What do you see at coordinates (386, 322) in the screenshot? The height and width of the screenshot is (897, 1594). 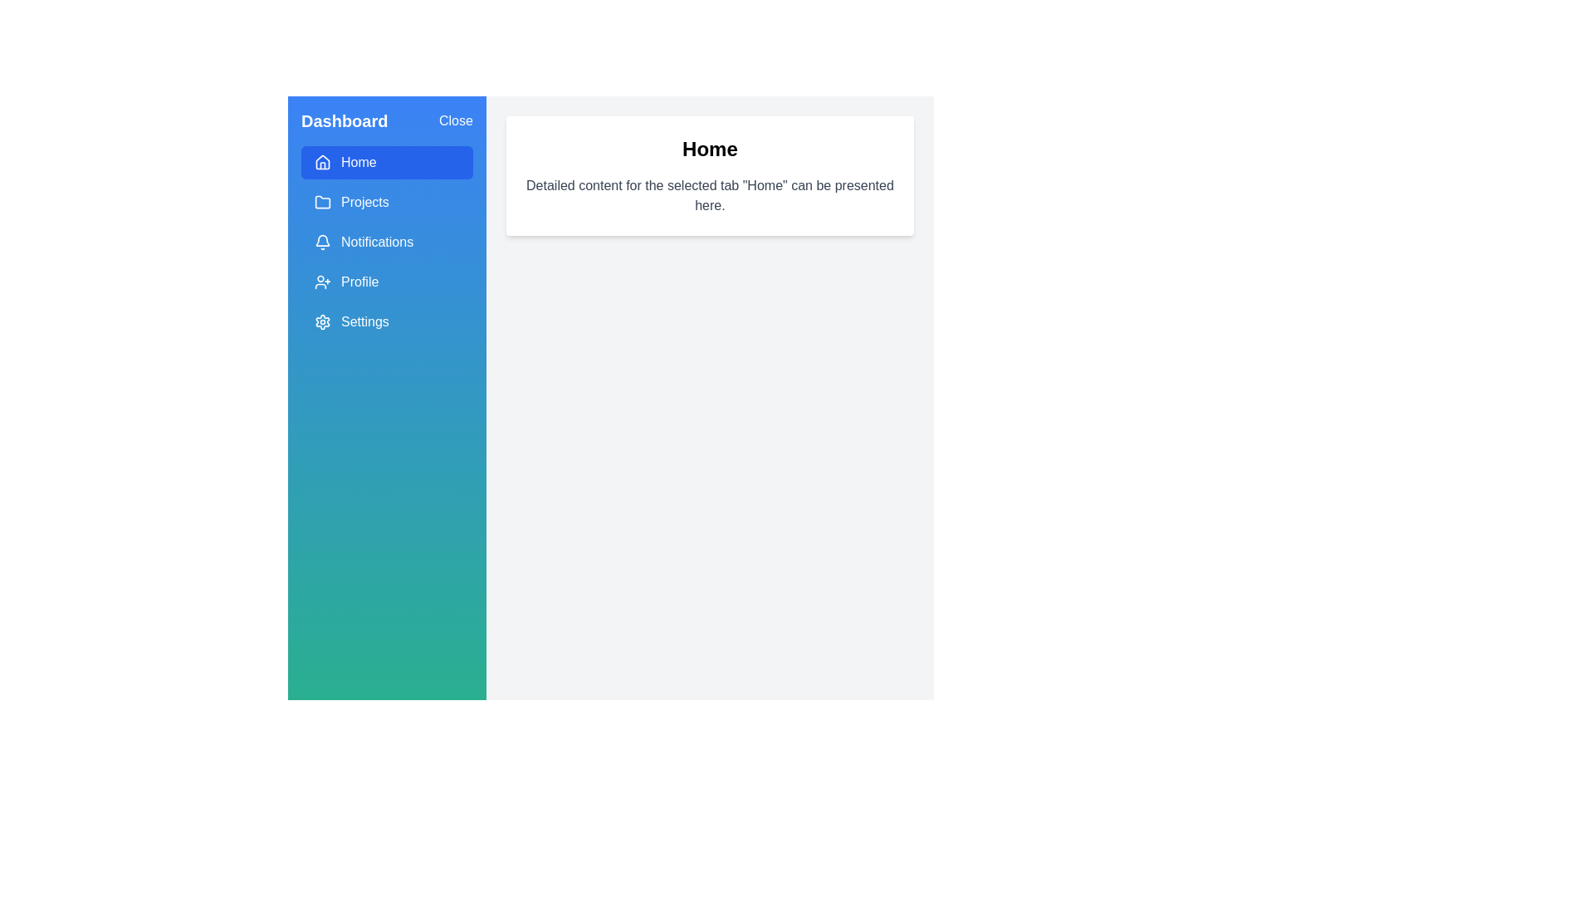 I see `the menu item Settings to display its content` at bounding box center [386, 322].